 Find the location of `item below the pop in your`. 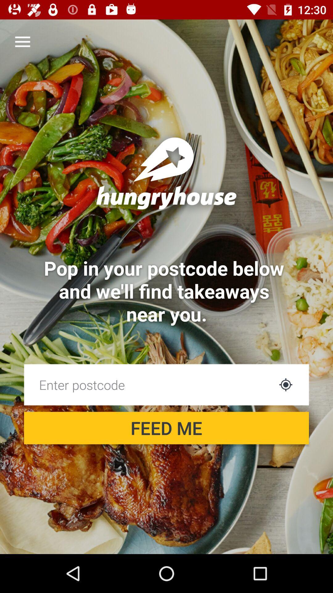

item below the pop in your is located at coordinates (149, 384).